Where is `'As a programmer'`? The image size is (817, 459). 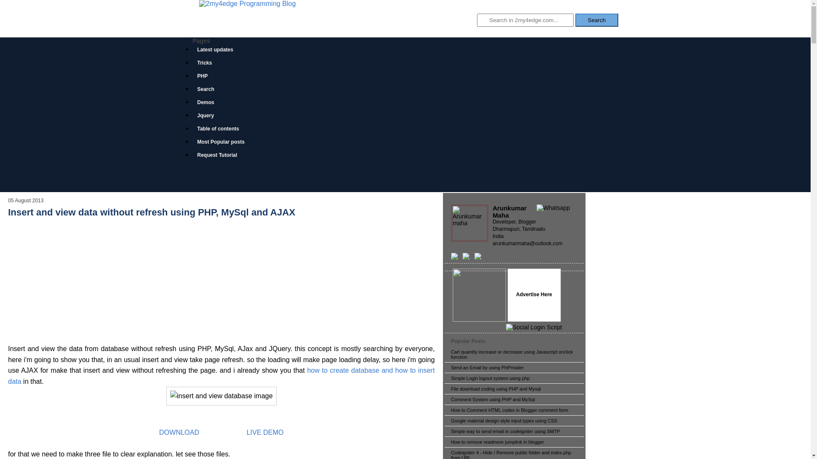
'As a programmer' is located at coordinates (479, 295).